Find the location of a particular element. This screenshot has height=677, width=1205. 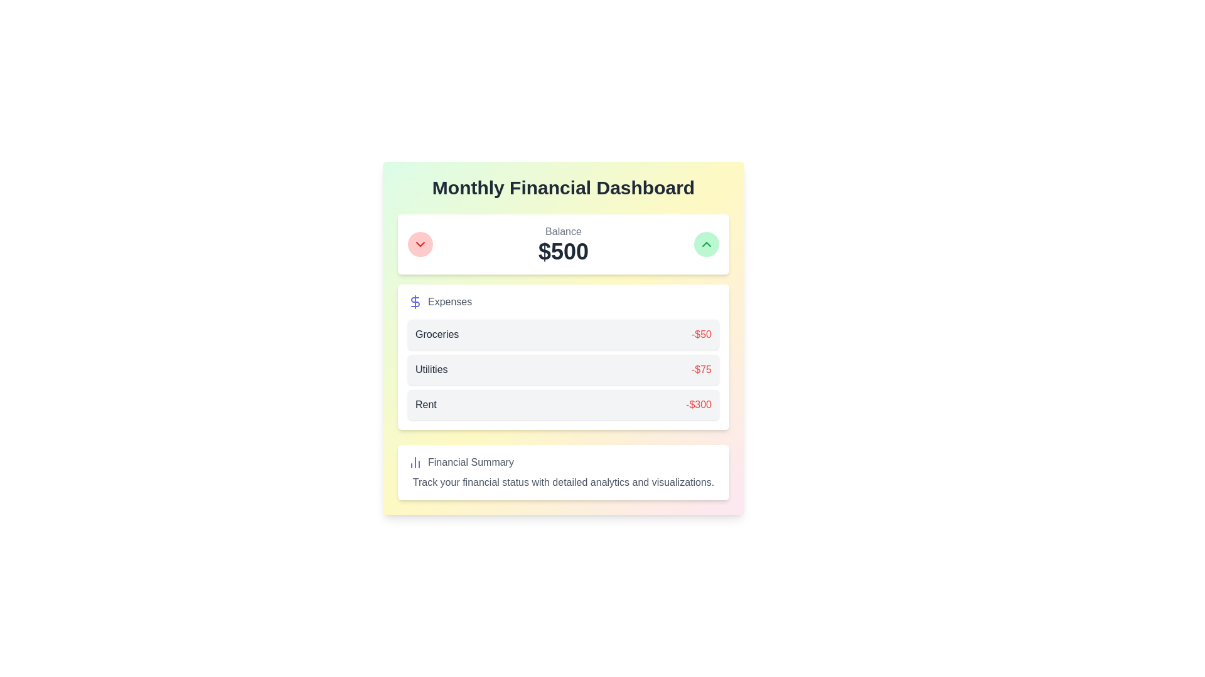

the individual expense items within the third expense breakdown card located below the 'Balance' card, which categorizes costs for 'Groceries', 'Utilities', and 'Rent' is located at coordinates (562, 357).